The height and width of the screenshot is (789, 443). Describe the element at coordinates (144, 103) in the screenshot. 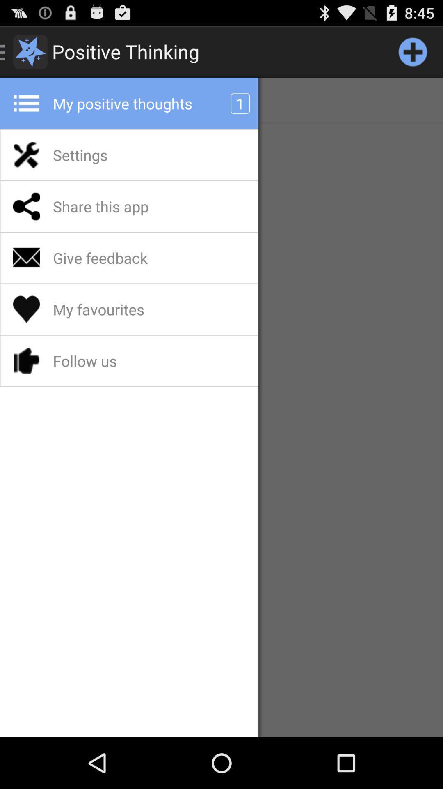

I see `the app below the positive thinking item` at that location.